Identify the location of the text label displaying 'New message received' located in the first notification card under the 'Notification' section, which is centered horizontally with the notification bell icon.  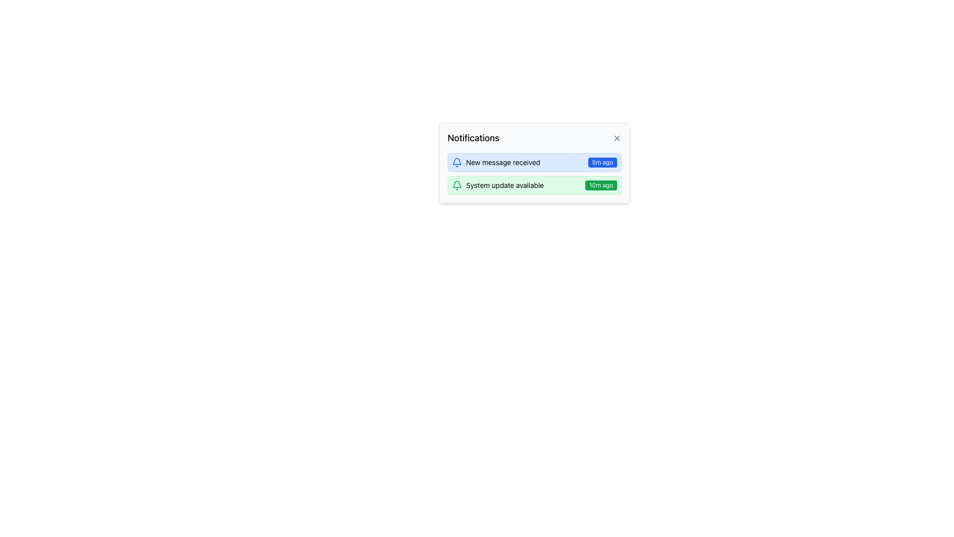
(503, 162).